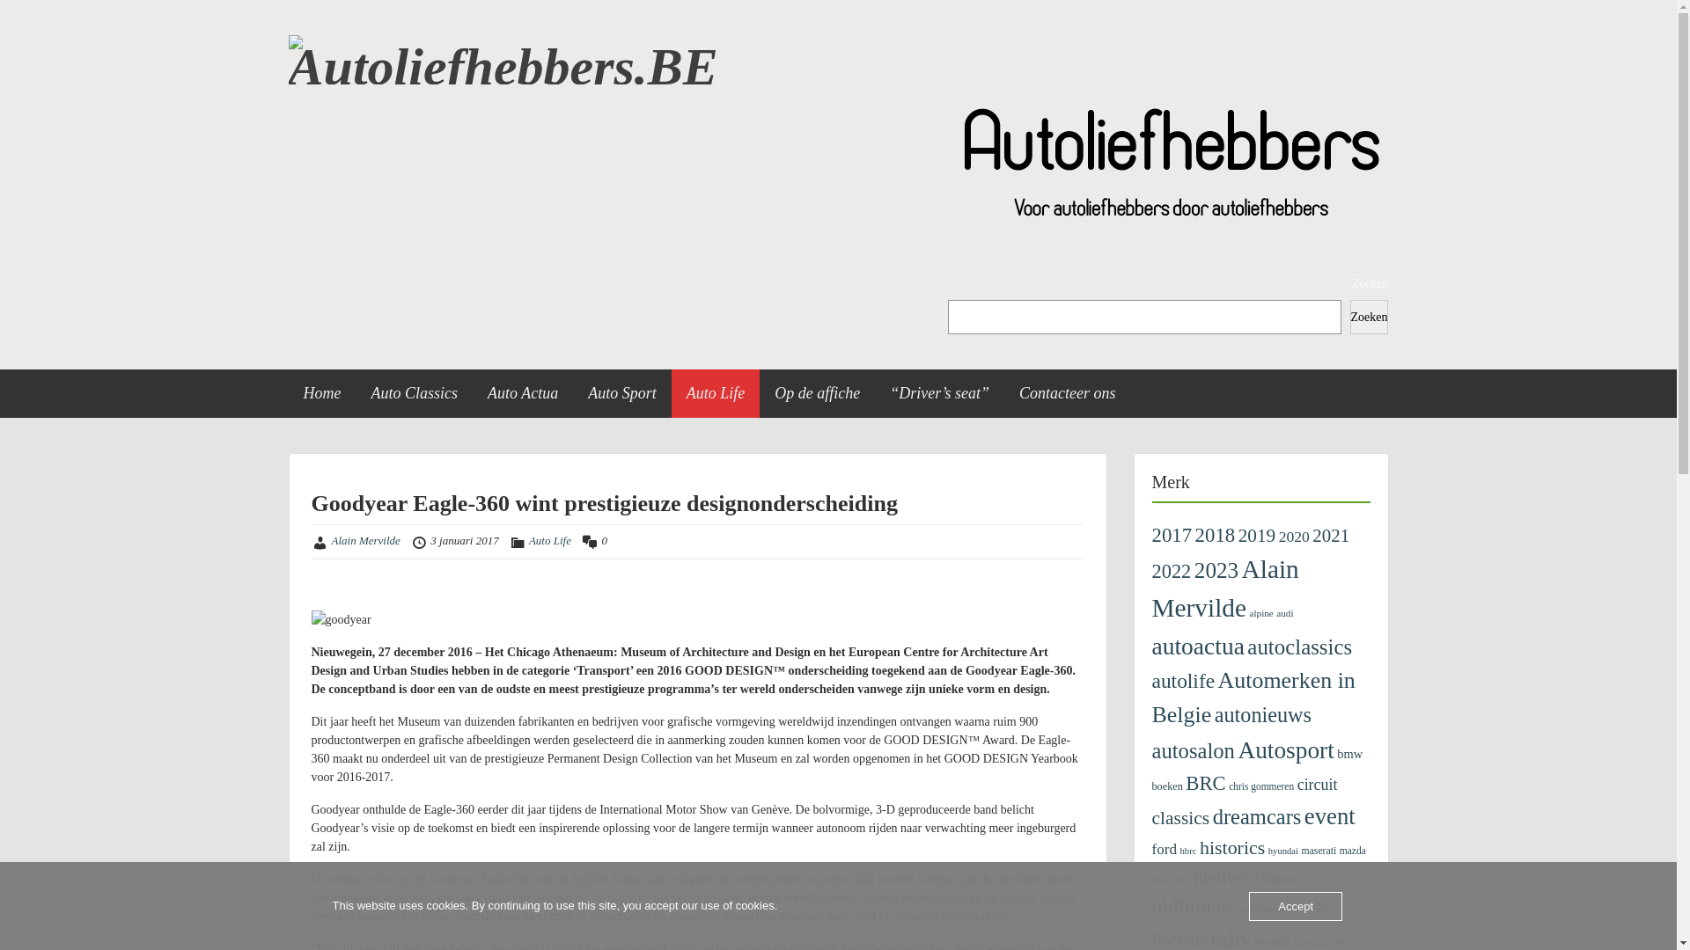 Image resolution: width=1690 pixels, height=950 pixels. I want to click on '2020', so click(1294, 535).